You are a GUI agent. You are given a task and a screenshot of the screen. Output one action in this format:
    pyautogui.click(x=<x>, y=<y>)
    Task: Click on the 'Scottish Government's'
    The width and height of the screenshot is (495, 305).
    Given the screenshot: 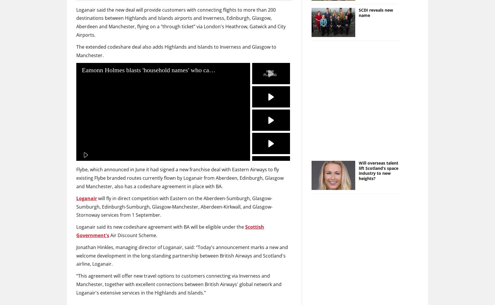 What is the action you would take?
    pyautogui.click(x=170, y=231)
    